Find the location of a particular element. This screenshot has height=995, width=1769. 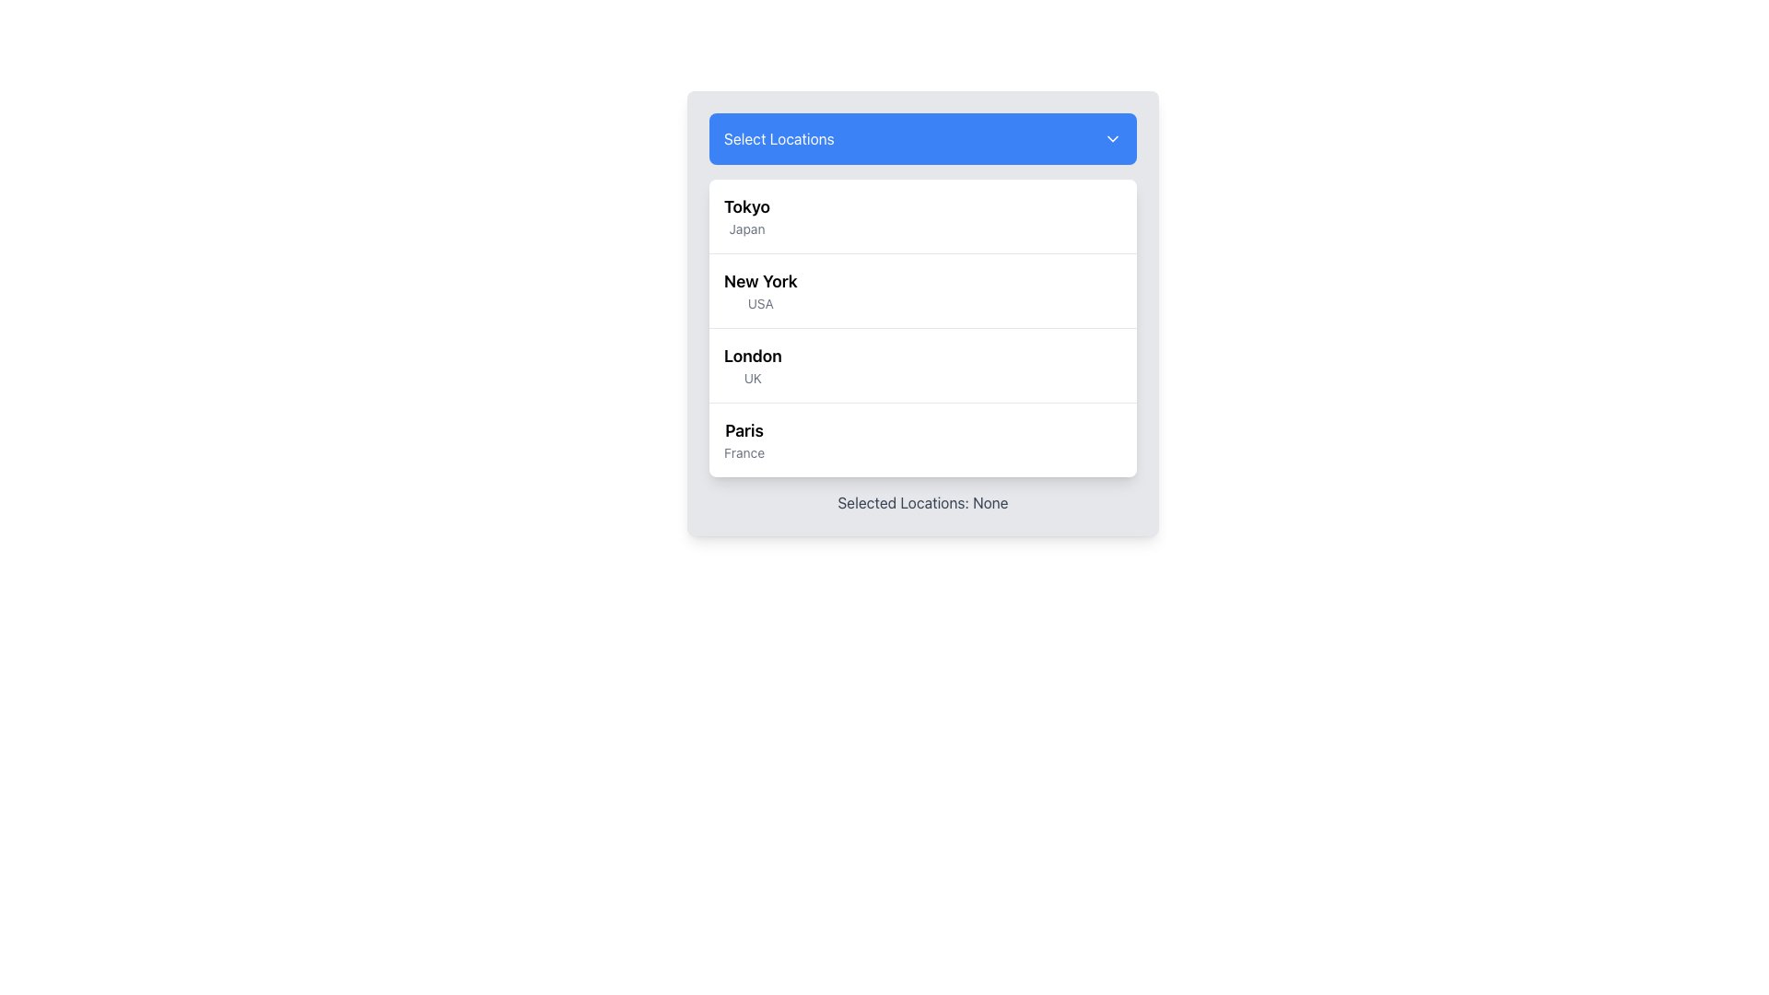

the Dropdown Toggle Button labeled 'Select Locations' is located at coordinates (923, 137).